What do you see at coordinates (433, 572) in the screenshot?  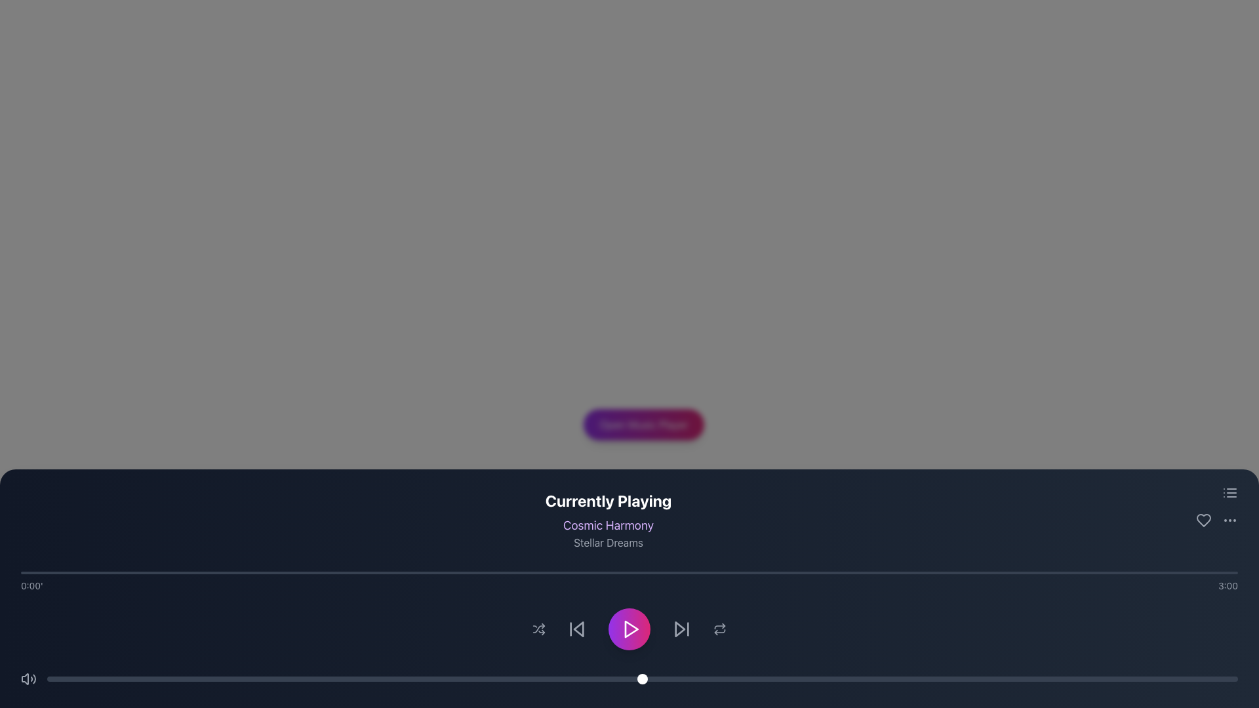 I see `playback position` at bounding box center [433, 572].